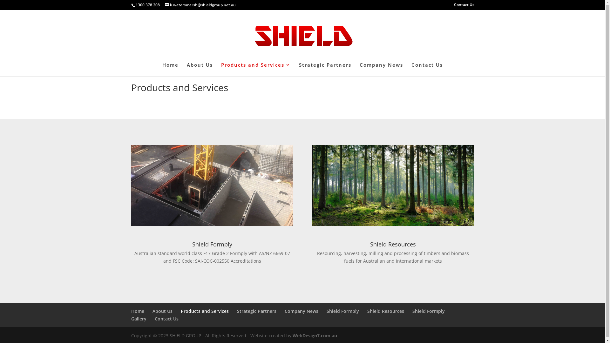 The height and width of the screenshot is (343, 610). Describe the element at coordinates (138, 319) in the screenshot. I see `'Gallery'` at that location.